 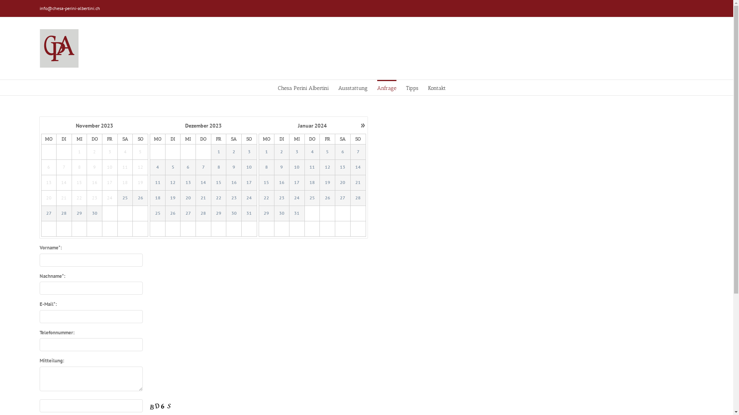 I want to click on 'Chesa Perini Albertini', so click(x=303, y=87).